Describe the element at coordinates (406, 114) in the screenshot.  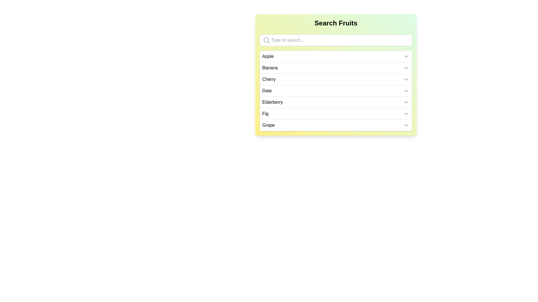
I see `the dropdown toggle button icon located to the right of the text 'Fig' in the 'Search Fruits' list, specifically in the sixth row` at that location.